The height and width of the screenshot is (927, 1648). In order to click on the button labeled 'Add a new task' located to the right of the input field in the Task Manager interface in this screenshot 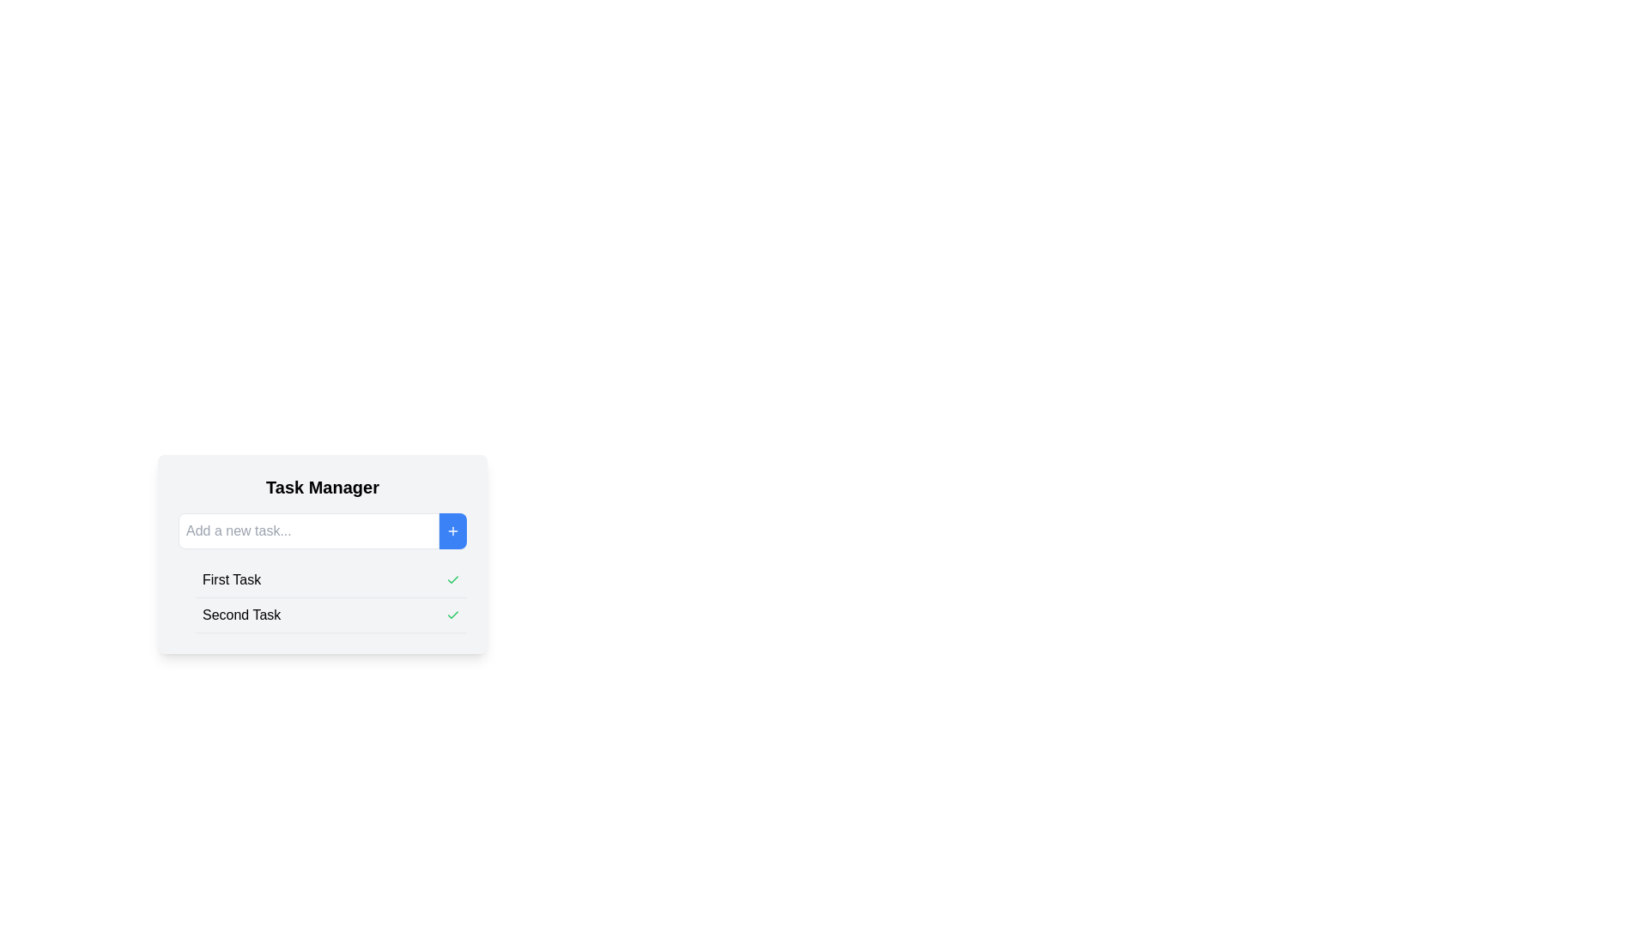, I will do `click(453, 530)`.